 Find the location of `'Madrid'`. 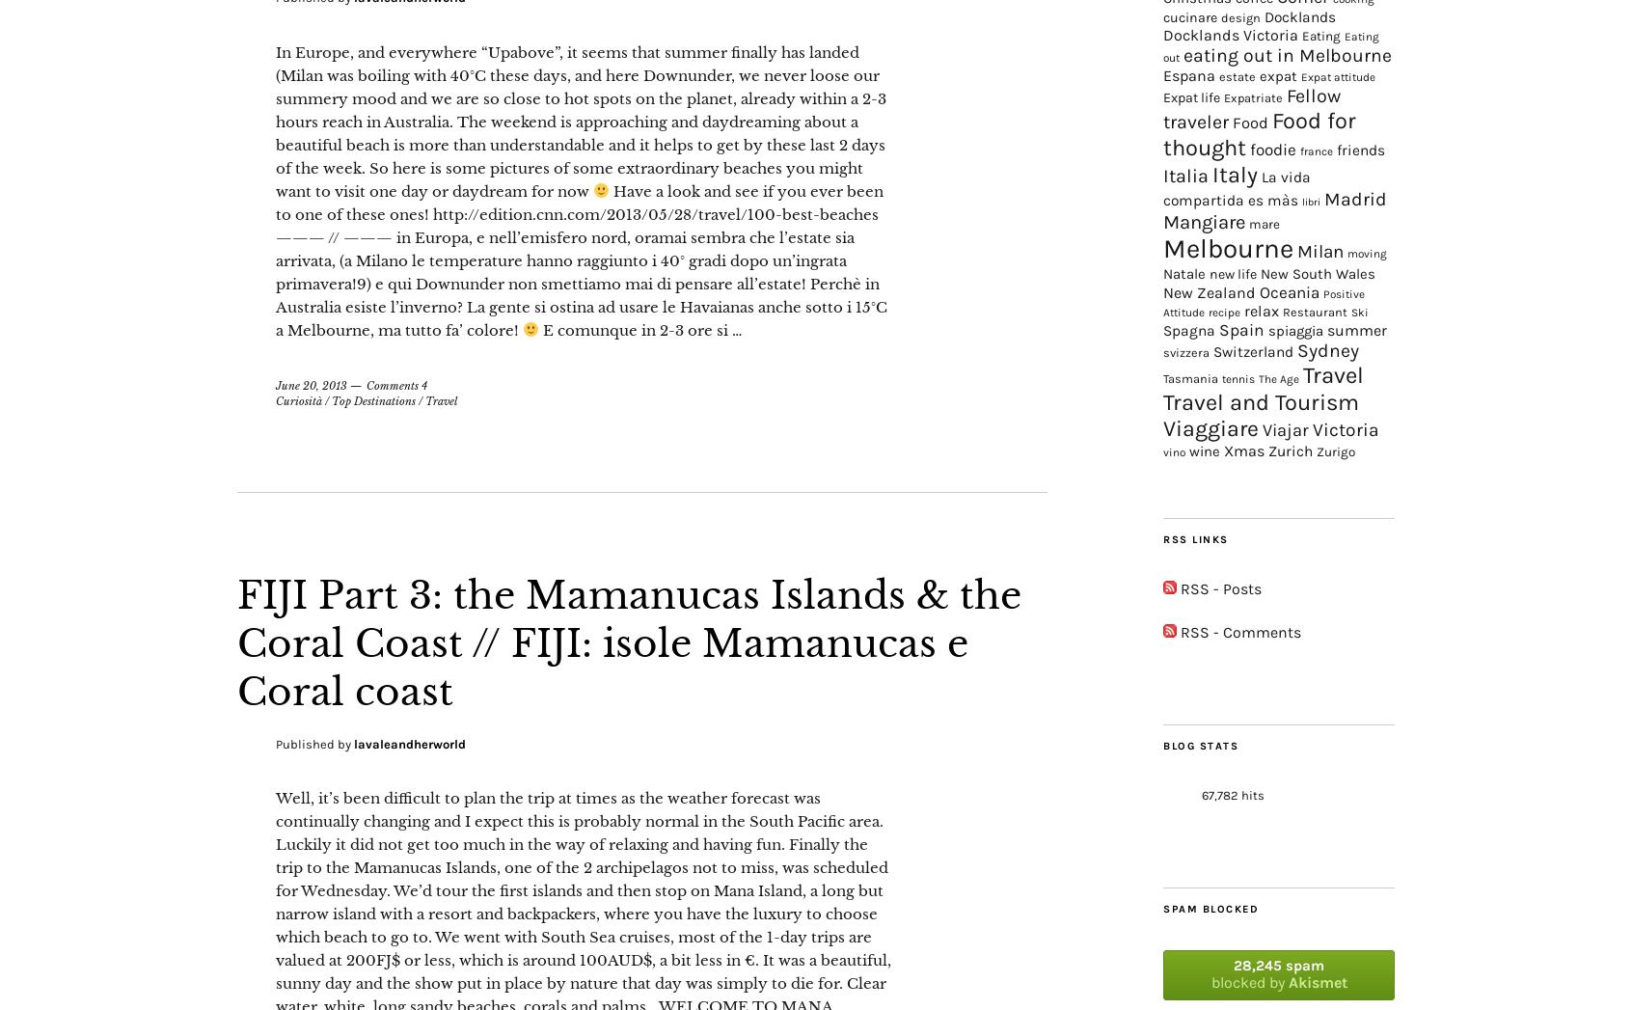

'Madrid' is located at coordinates (1355, 198).